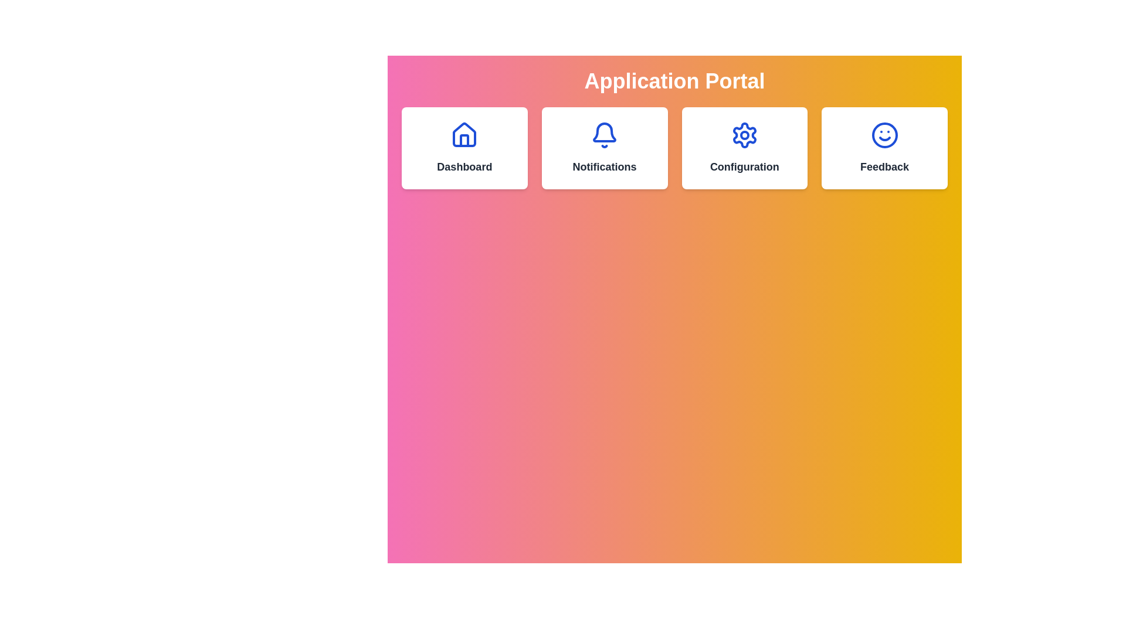 The image size is (1126, 633). Describe the element at coordinates (744, 135) in the screenshot. I see `the decorative graphical circle located centrally within the SVG gear icon, the third icon under the title 'Application Portal'` at that location.